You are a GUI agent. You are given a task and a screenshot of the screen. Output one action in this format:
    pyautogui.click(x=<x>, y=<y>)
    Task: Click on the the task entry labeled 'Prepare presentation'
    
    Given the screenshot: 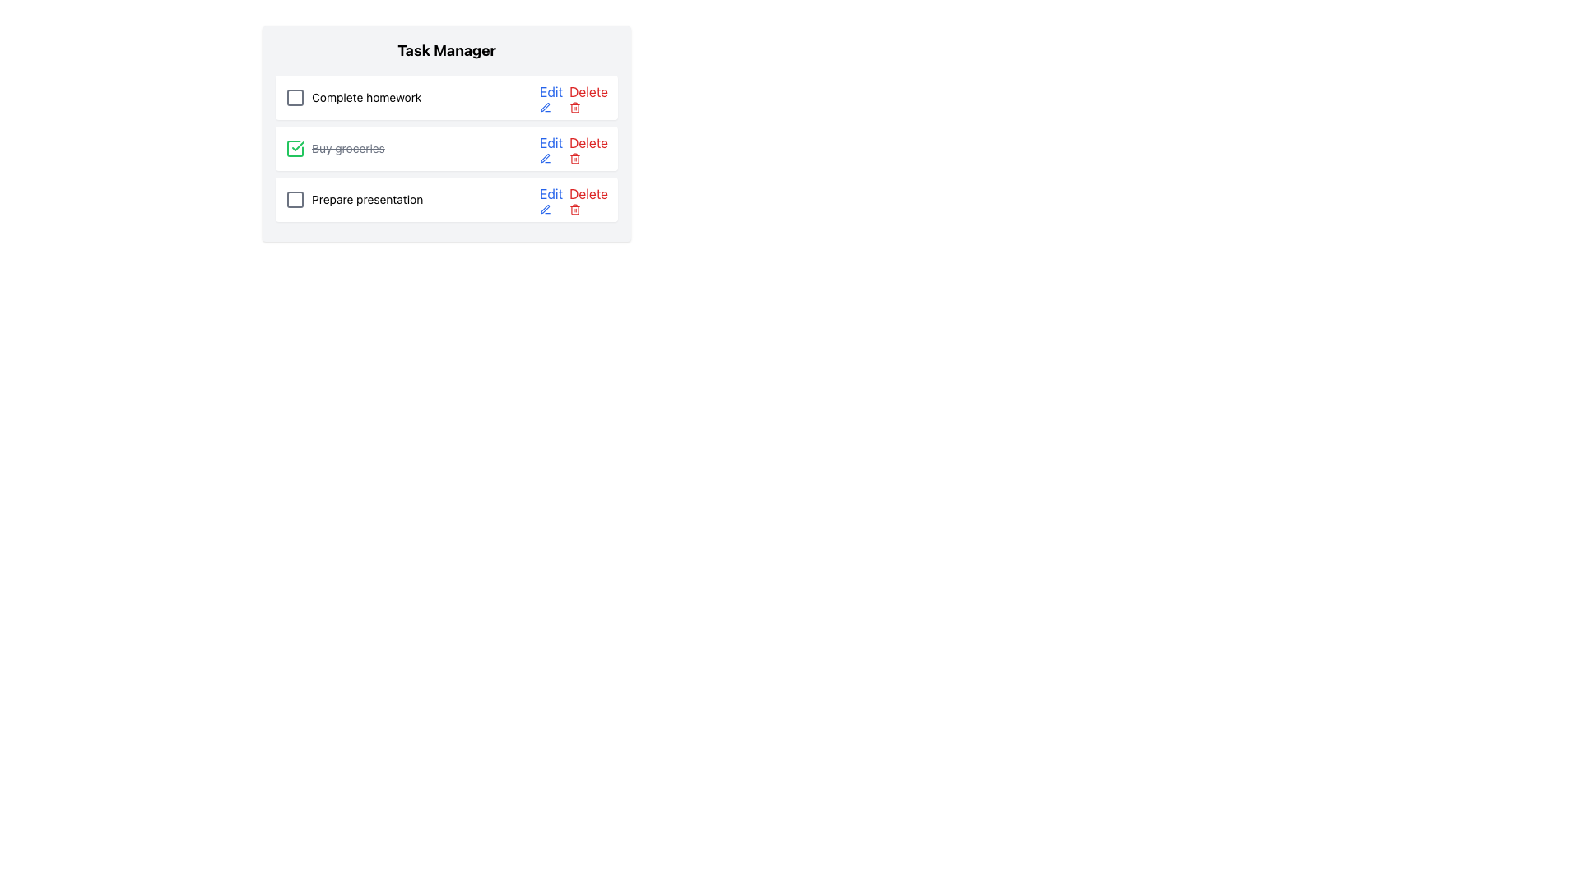 What is the action you would take?
    pyautogui.click(x=353, y=199)
    